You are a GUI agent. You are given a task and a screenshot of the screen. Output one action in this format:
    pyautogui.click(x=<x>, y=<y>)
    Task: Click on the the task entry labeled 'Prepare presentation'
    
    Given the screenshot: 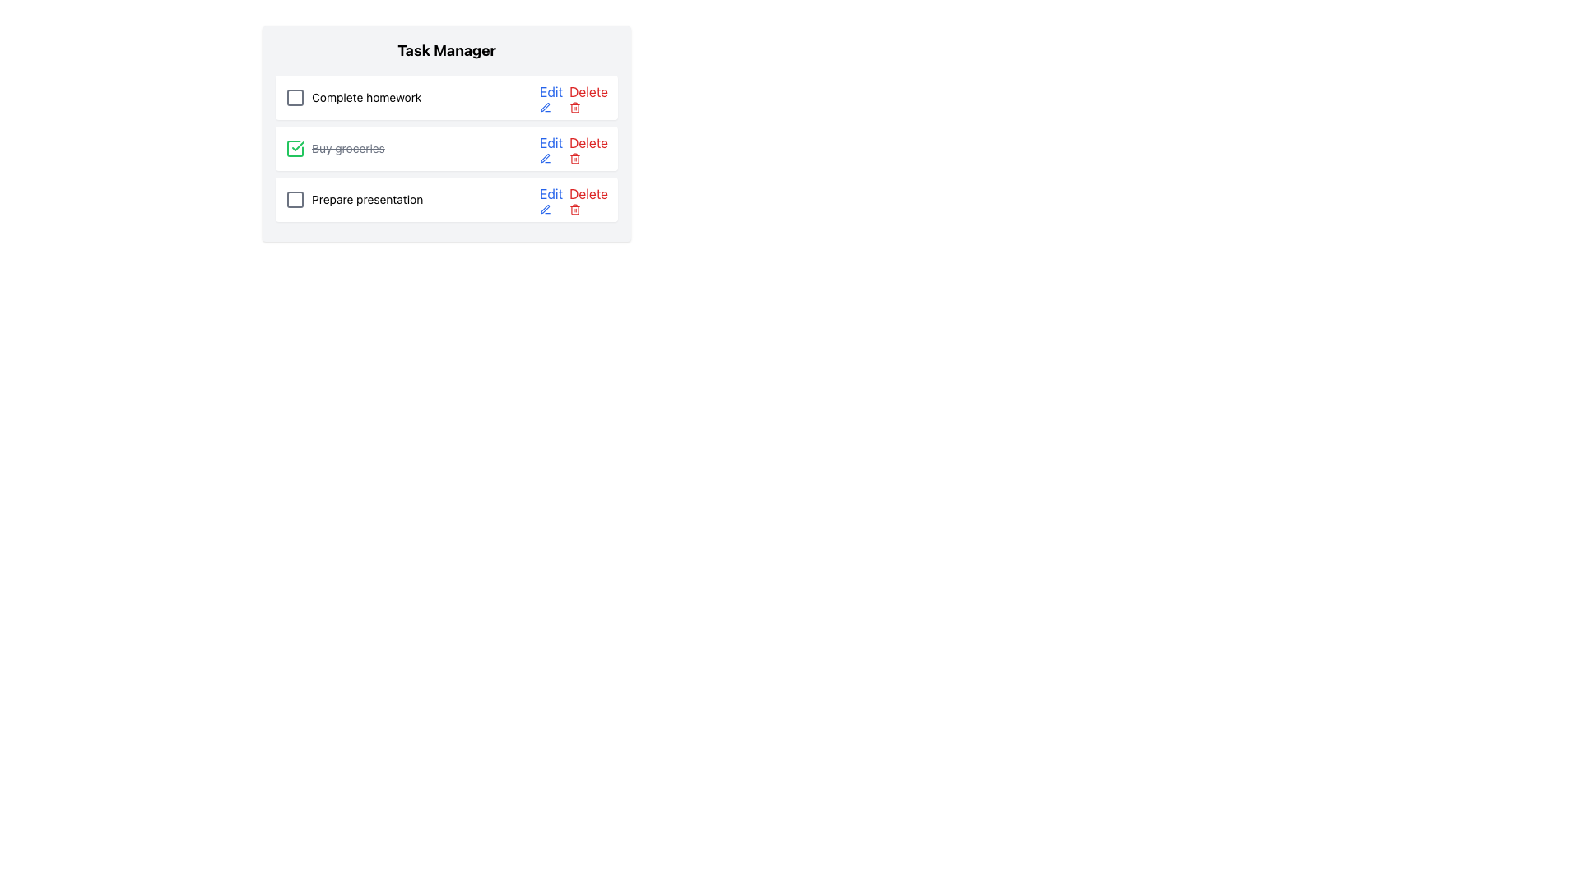 What is the action you would take?
    pyautogui.click(x=353, y=199)
    